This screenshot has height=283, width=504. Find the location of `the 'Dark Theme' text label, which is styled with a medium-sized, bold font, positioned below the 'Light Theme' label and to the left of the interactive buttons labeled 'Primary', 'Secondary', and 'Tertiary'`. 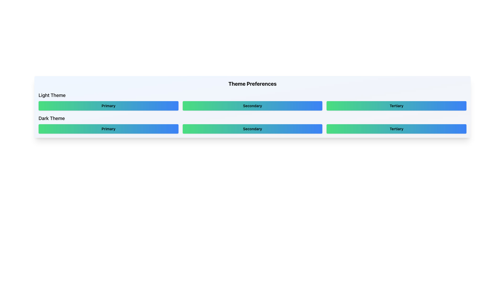

the 'Dark Theme' text label, which is styled with a medium-sized, bold font, positioned below the 'Light Theme' label and to the left of the interactive buttons labeled 'Primary', 'Secondary', and 'Tertiary' is located at coordinates (51, 118).